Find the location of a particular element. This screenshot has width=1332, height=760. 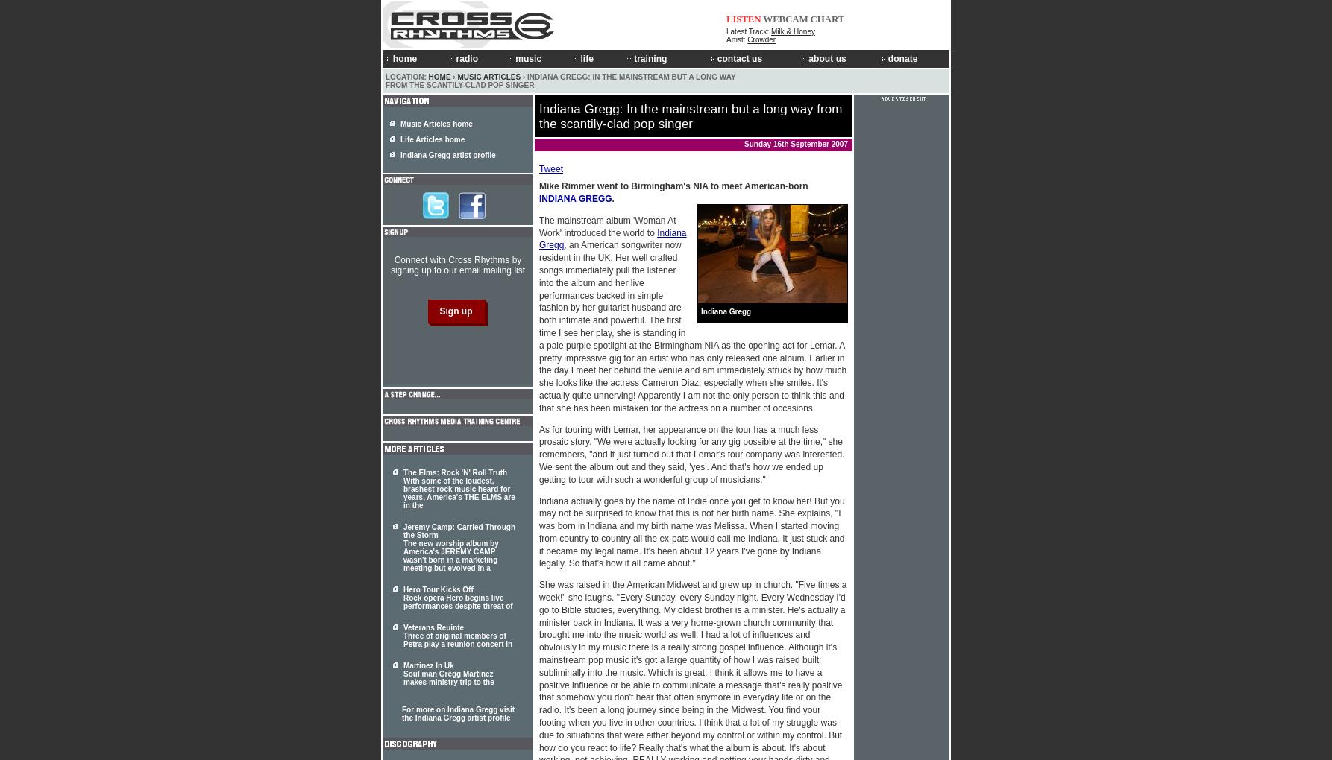

'Cross Rhythms Founders' is located at coordinates (853, 120).